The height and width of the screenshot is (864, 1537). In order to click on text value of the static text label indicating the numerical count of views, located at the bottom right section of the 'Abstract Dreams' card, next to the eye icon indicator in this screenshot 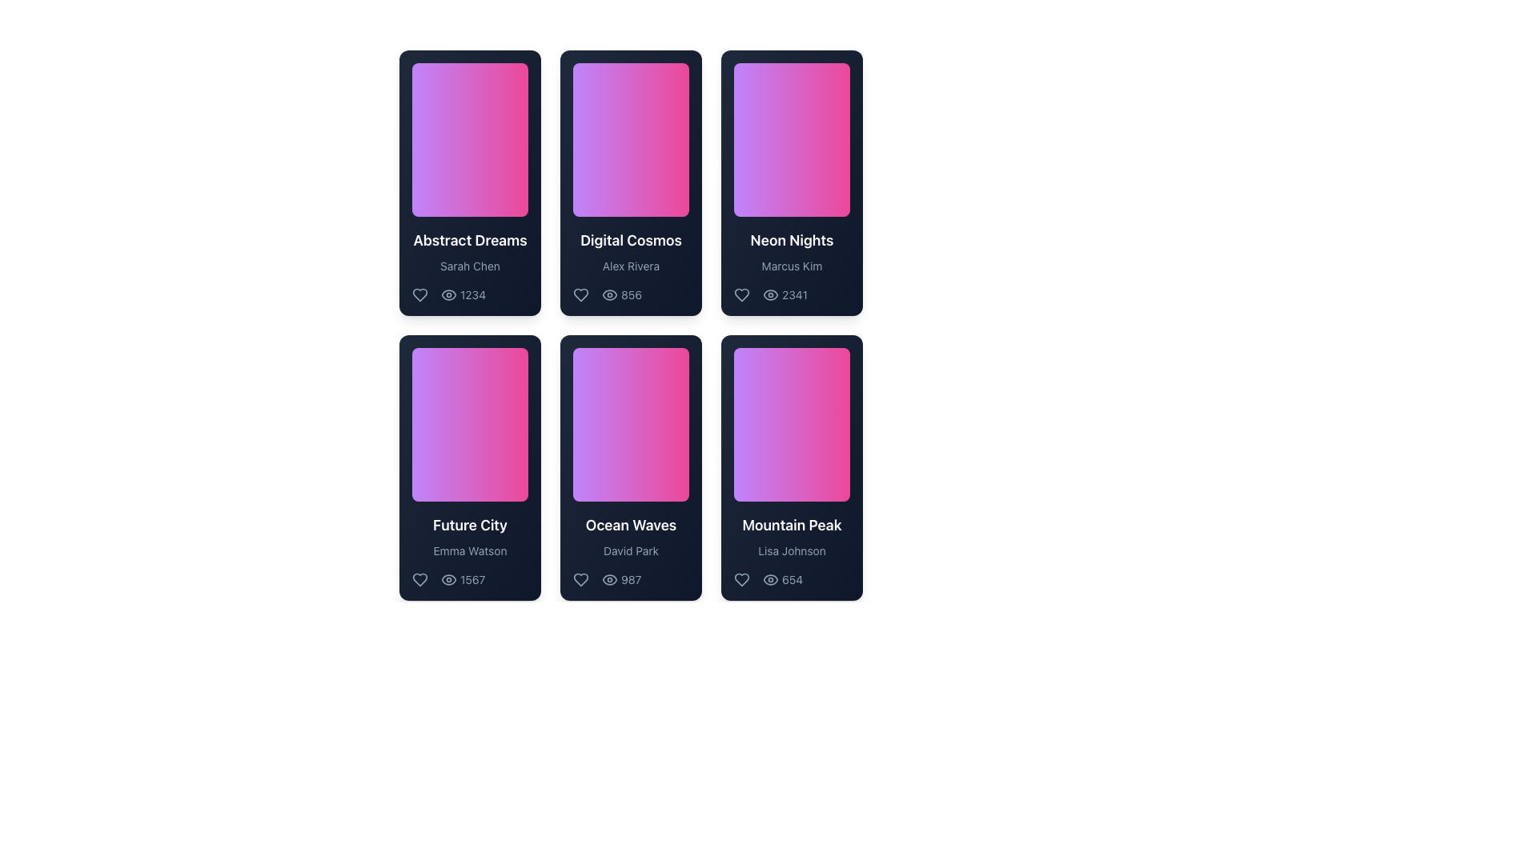, I will do `click(472, 295)`.